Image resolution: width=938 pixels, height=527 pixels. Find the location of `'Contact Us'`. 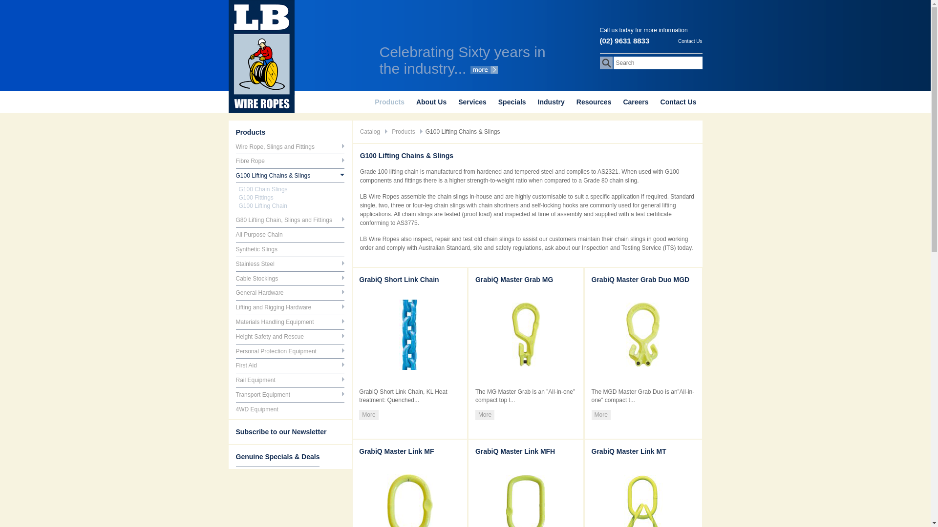

'Contact Us' is located at coordinates (689, 40).